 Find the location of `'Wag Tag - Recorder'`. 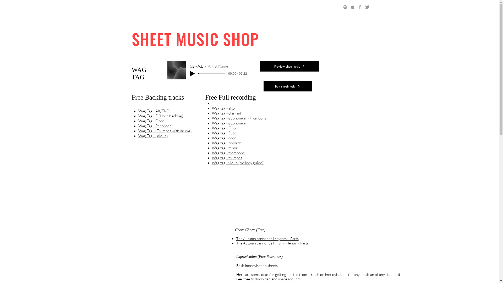

'Wag Tag - Recorder' is located at coordinates (154, 126).